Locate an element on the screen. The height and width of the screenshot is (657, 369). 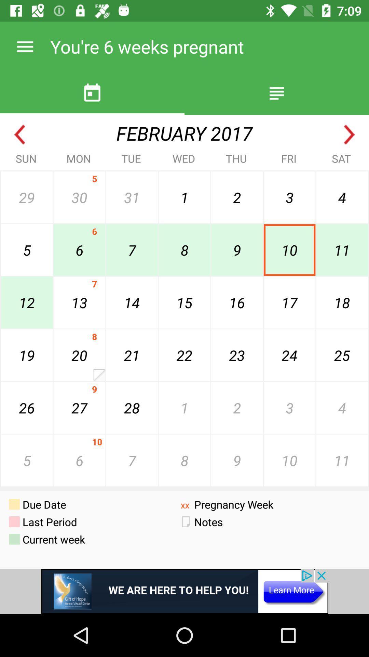
look at next month is located at coordinates (349, 134).